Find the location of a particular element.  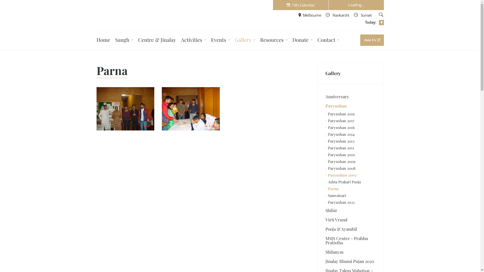

'Sangh' is located at coordinates (125, 40).